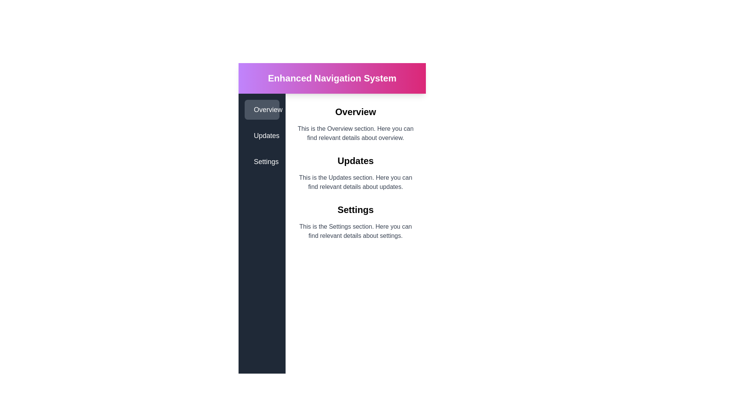  What do you see at coordinates (355, 112) in the screenshot?
I see `text of the title or header for the Overview section located just below the header bar with a pink gradient background` at bounding box center [355, 112].